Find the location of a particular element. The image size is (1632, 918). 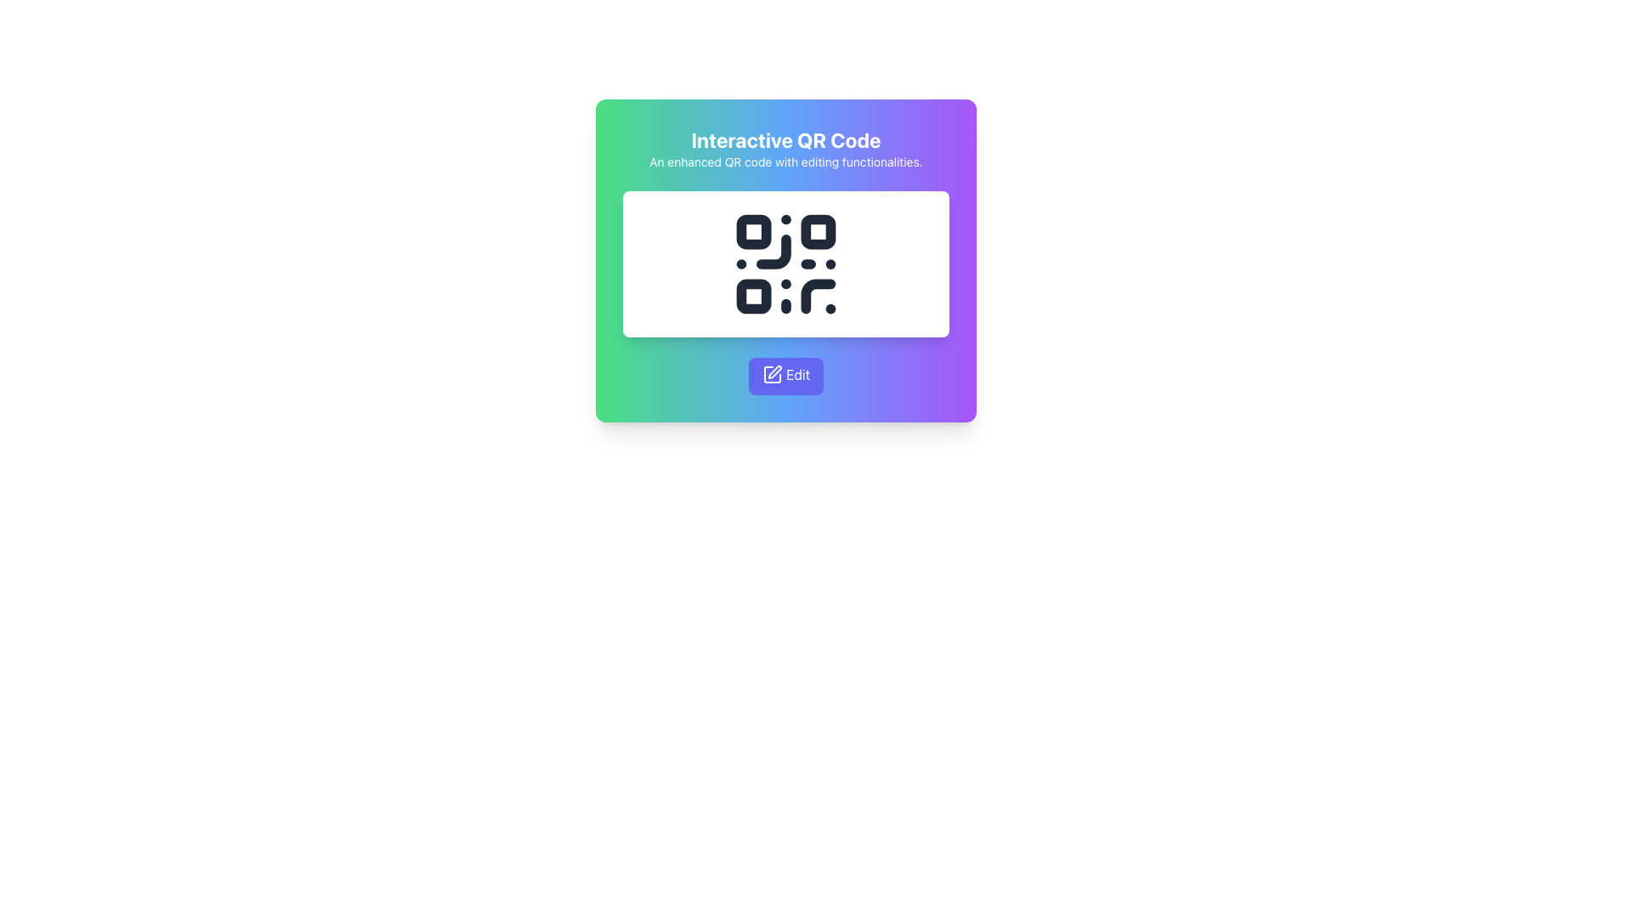

text content of the label that says 'An enhanced QR code with editing functionalities.' which is styled in a smaller font size and centered below the header 'Interactive QR Code.' is located at coordinates (785, 162).